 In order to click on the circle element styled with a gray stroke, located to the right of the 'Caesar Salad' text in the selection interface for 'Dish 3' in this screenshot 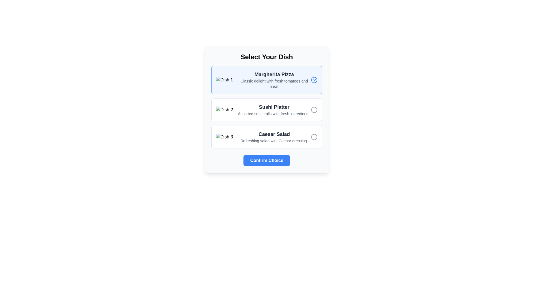, I will do `click(314, 137)`.